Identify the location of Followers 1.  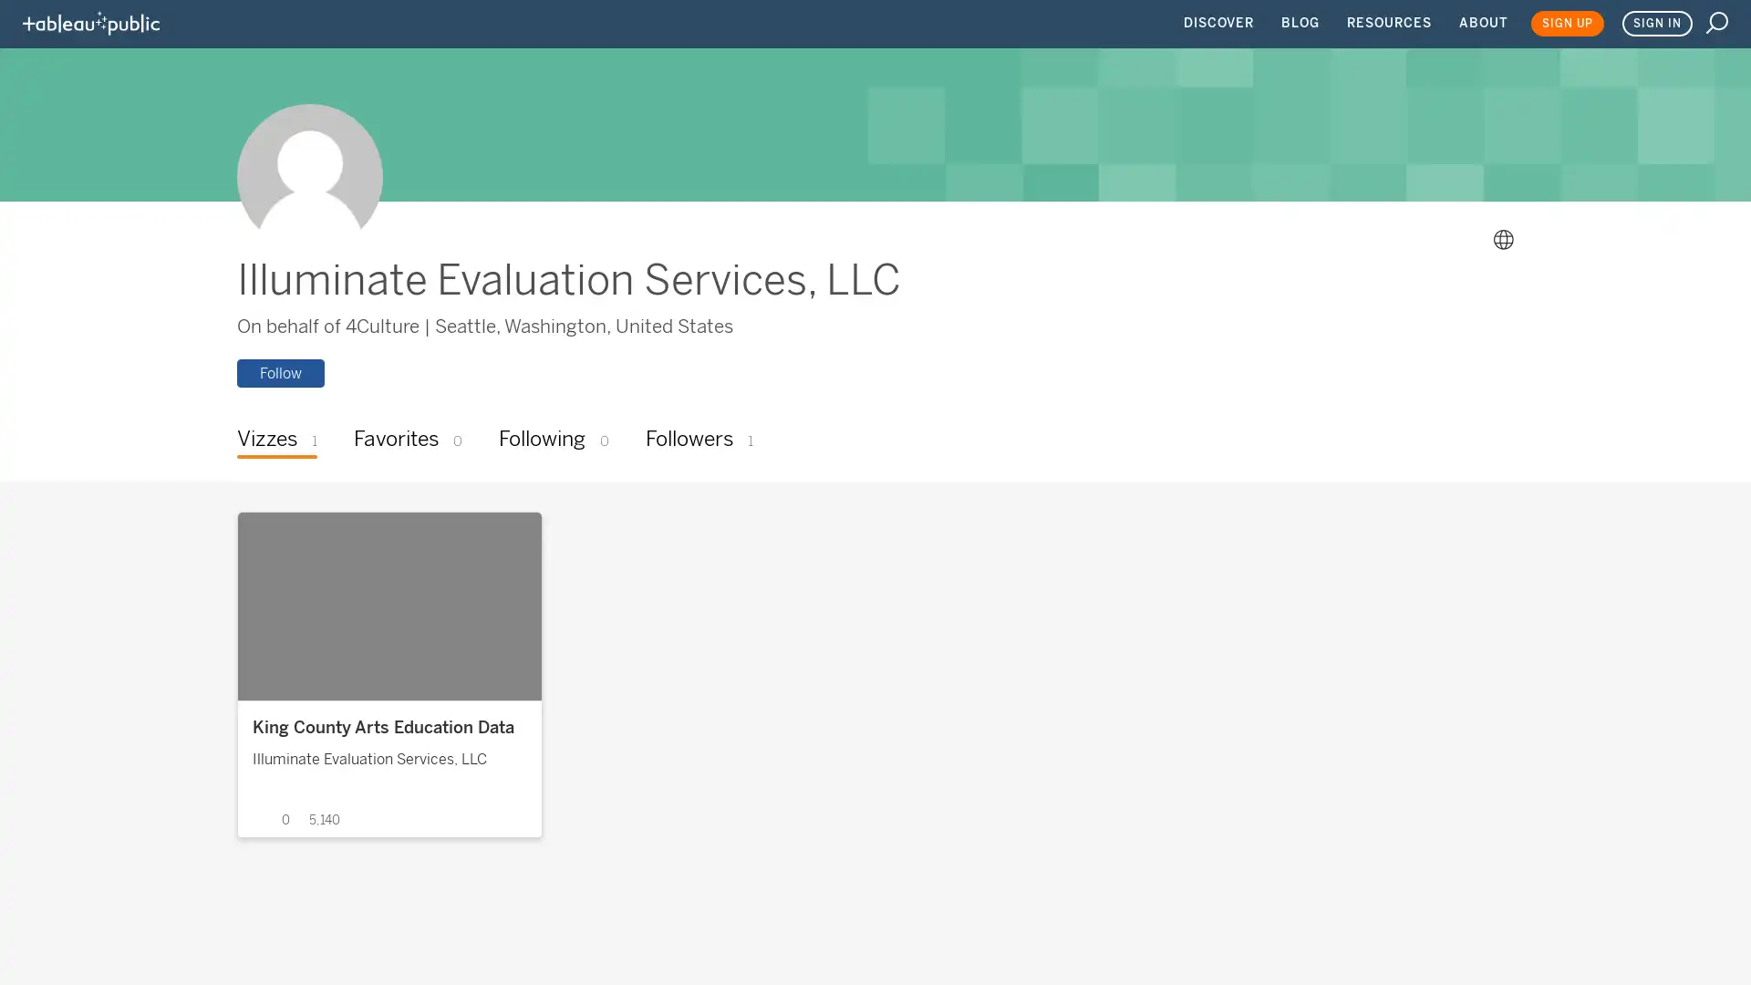
(698, 441).